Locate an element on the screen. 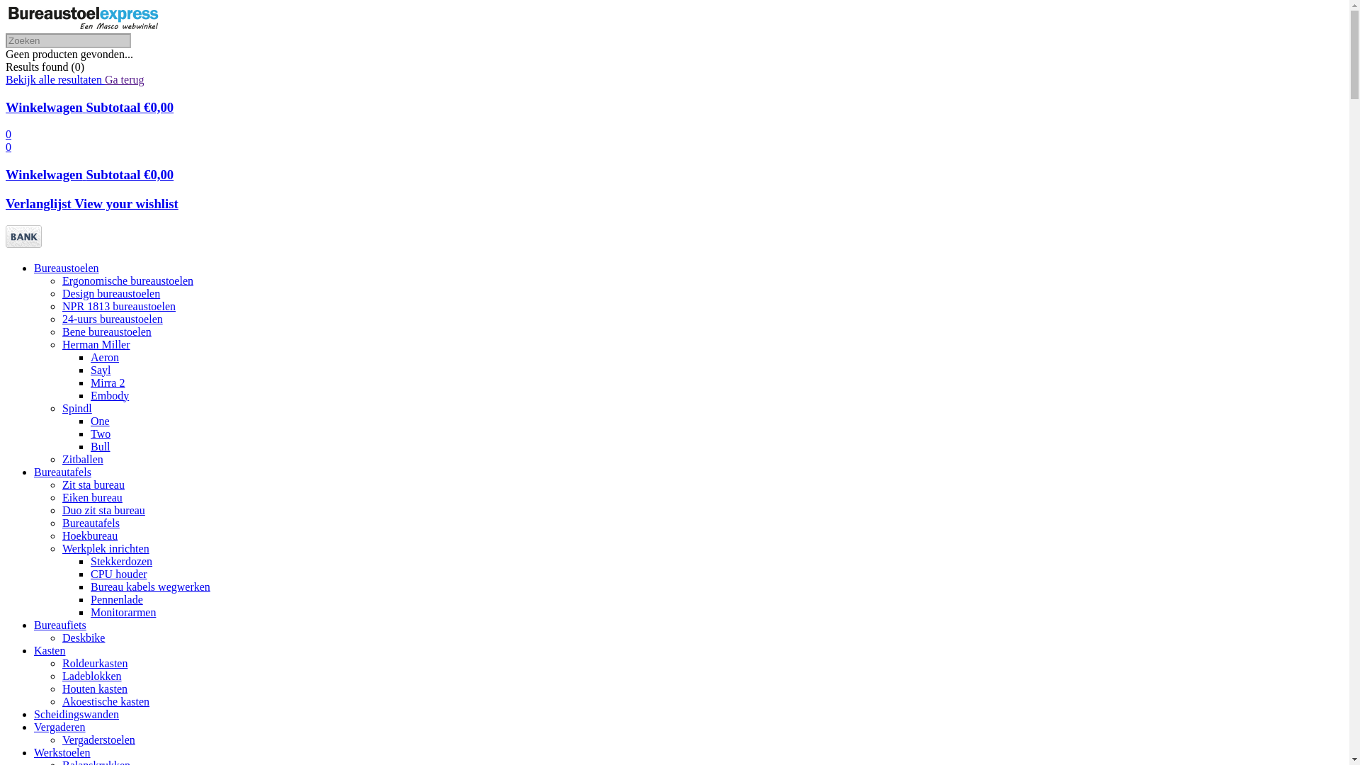 The width and height of the screenshot is (1360, 765). 'Kasten' is located at coordinates (50, 650).